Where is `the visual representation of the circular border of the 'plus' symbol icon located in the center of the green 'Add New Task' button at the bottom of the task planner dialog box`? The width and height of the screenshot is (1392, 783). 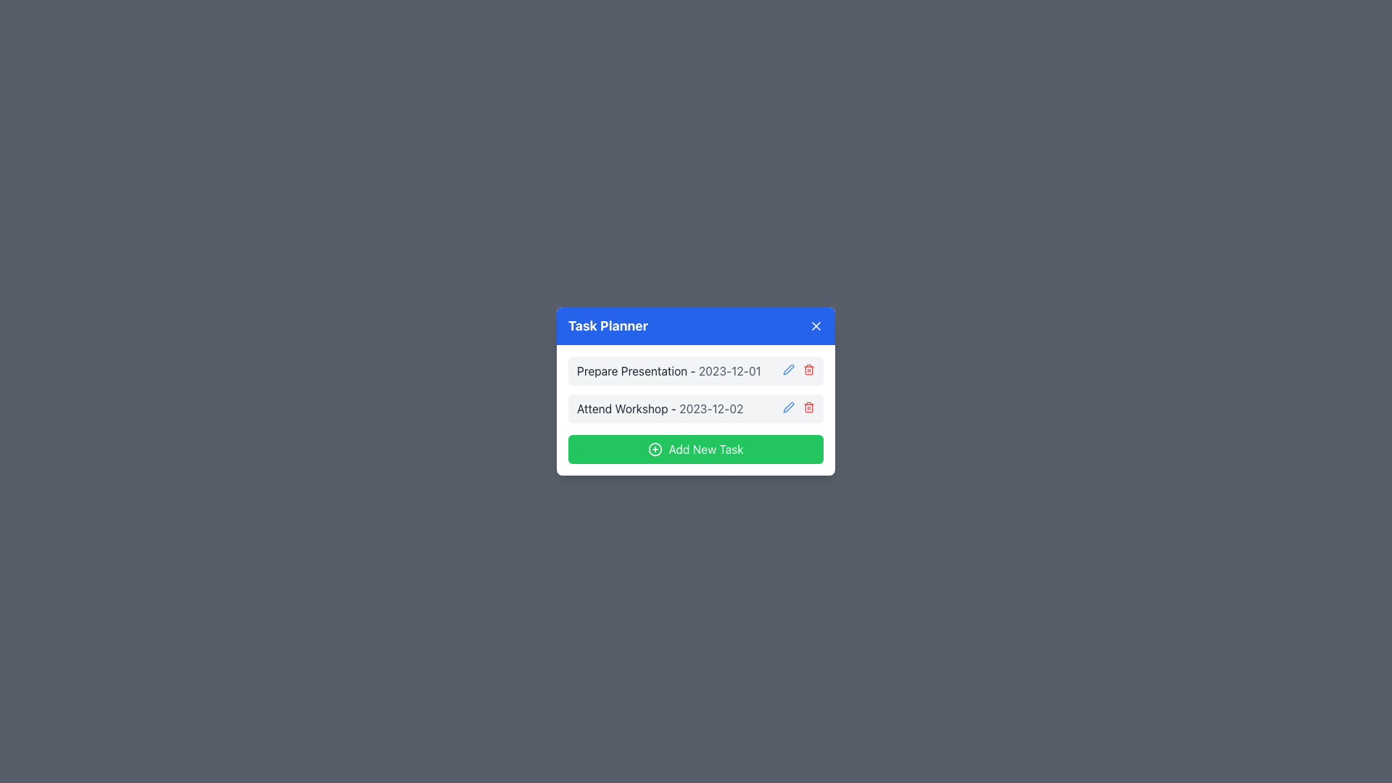 the visual representation of the circular border of the 'plus' symbol icon located in the center of the green 'Add New Task' button at the bottom of the task planner dialog box is located at coordinates (655, 449).